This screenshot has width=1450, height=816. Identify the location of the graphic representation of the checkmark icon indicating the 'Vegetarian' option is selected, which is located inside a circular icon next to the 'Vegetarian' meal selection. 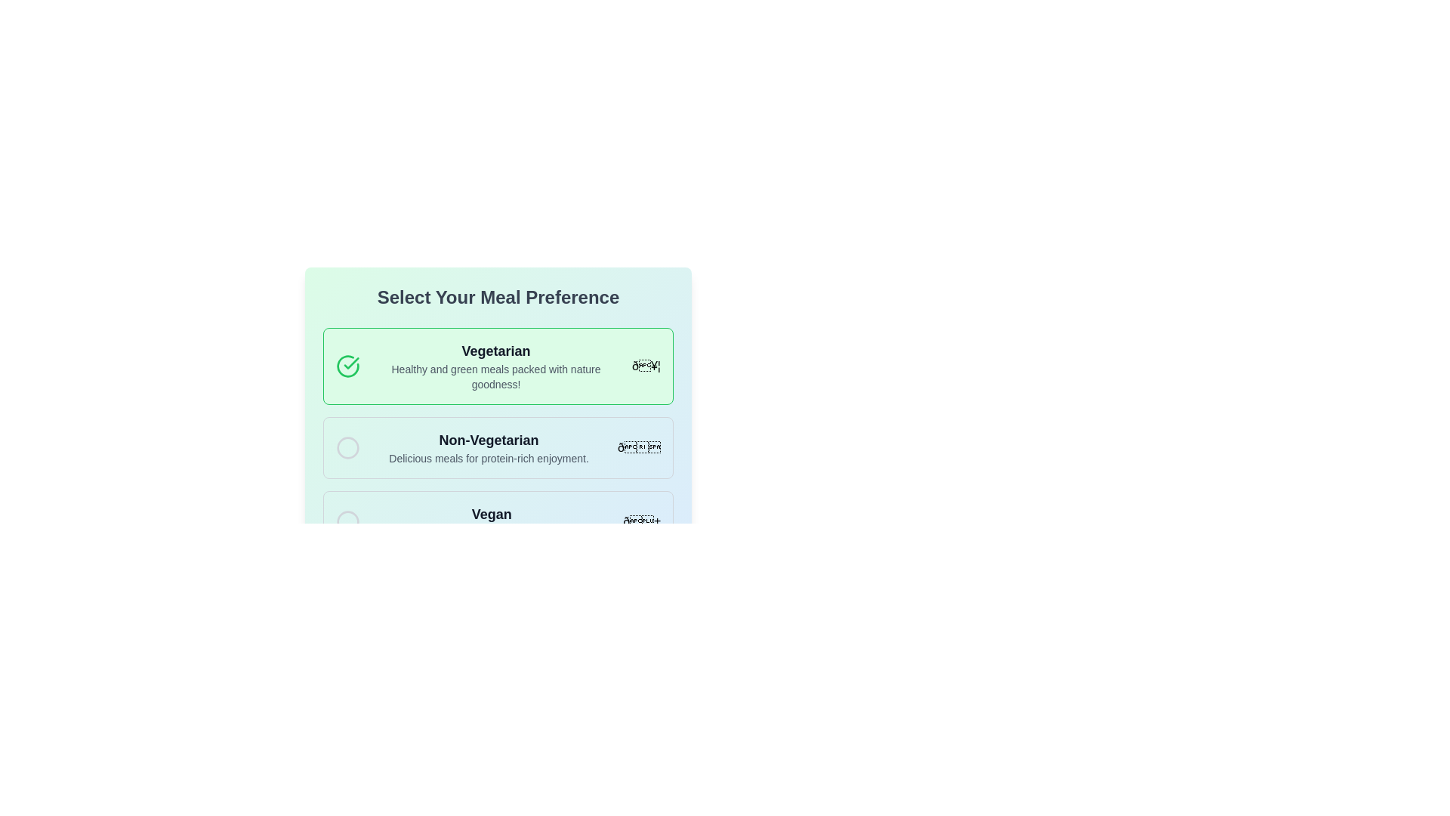
(350, 363).